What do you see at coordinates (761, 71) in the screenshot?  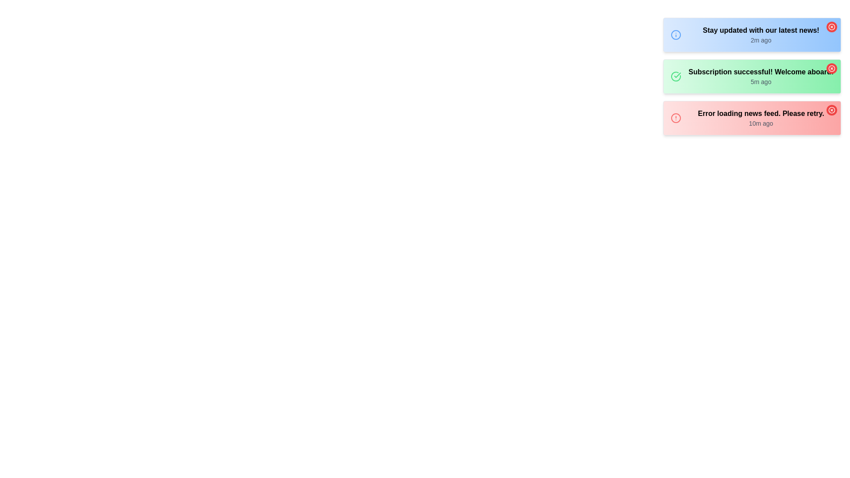 I see `the bold text label indicating a successful subscription within the second notification card, which is bordered by a green background and located above the '5m ago' text` at bounding box center [761, 71].